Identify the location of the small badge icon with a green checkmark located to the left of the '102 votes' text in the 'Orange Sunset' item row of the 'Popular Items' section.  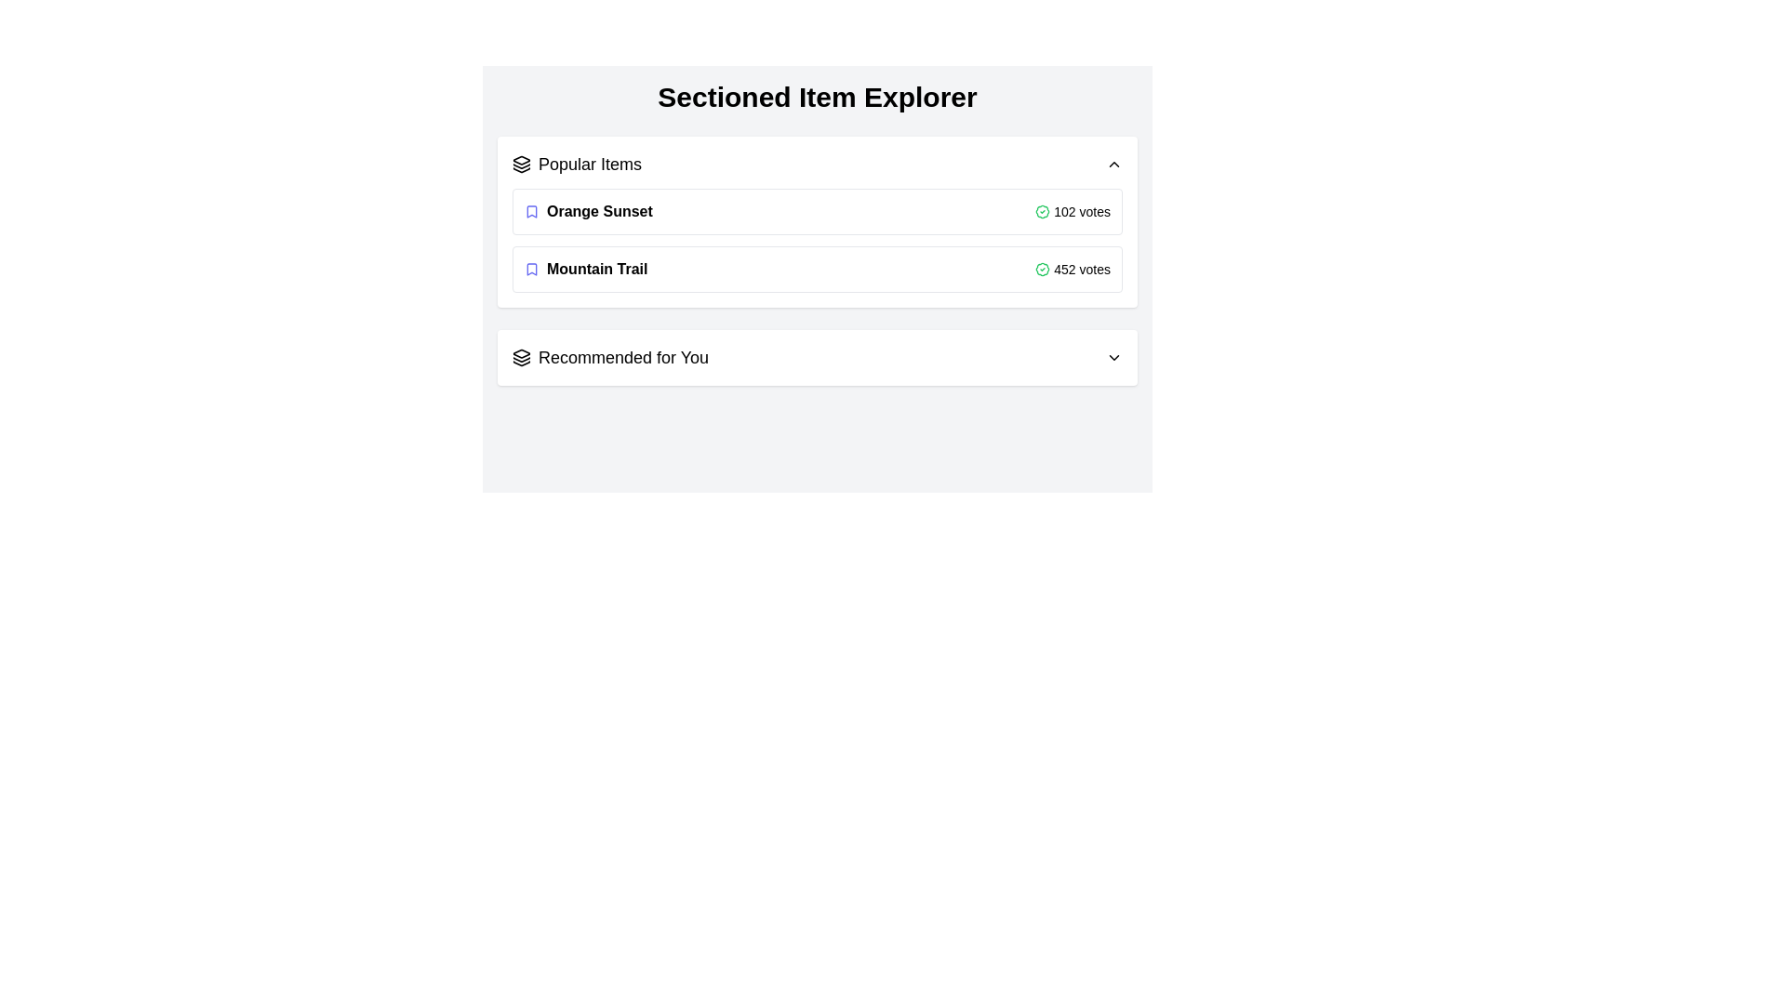
(1043, 210).